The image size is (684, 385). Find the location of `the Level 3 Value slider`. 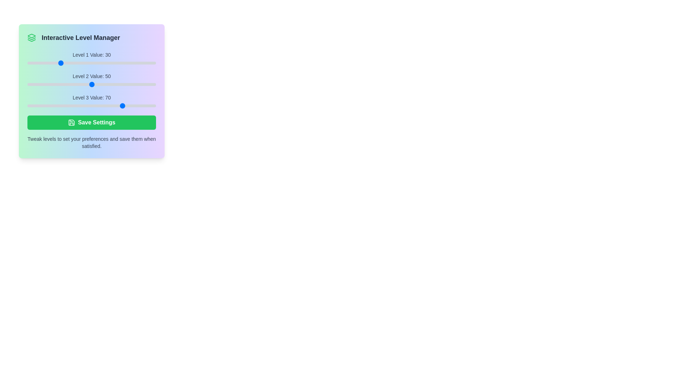

the Level 3 Value slider is located at coordinates (154, 106).